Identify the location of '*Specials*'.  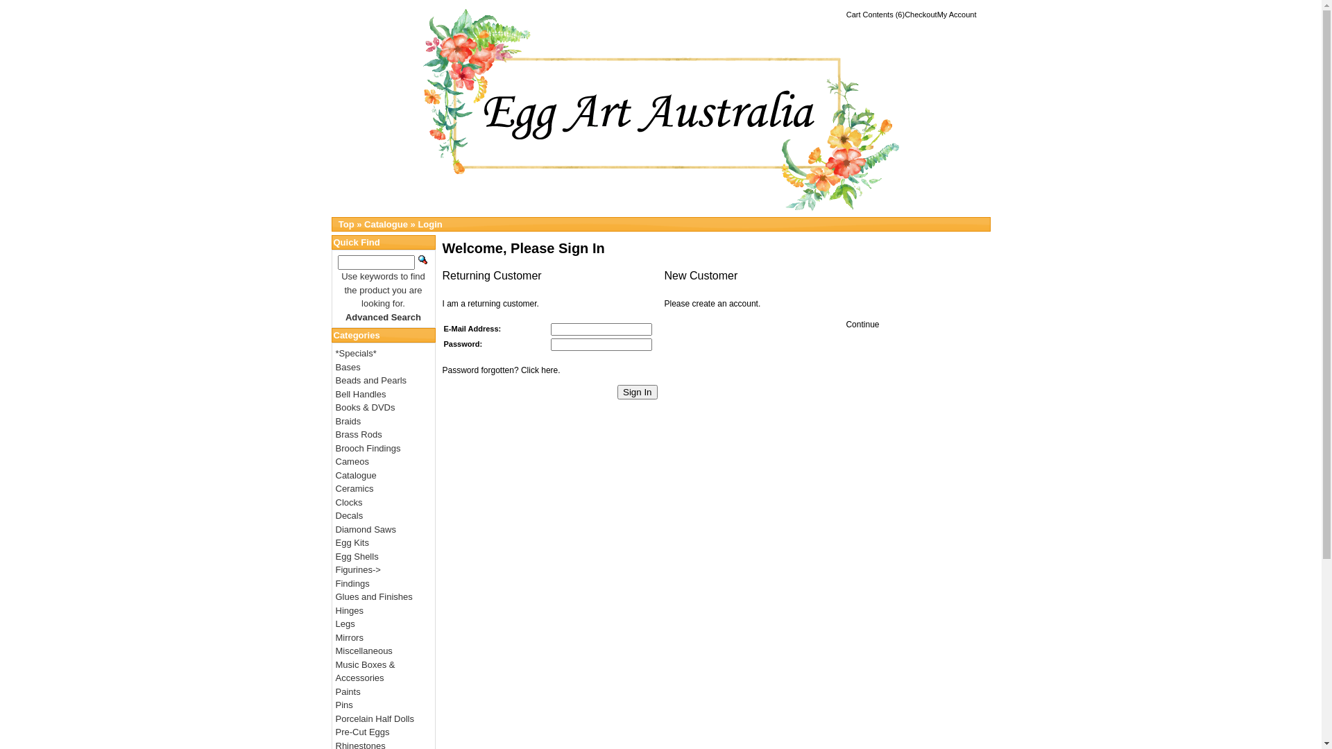
(356, 352).